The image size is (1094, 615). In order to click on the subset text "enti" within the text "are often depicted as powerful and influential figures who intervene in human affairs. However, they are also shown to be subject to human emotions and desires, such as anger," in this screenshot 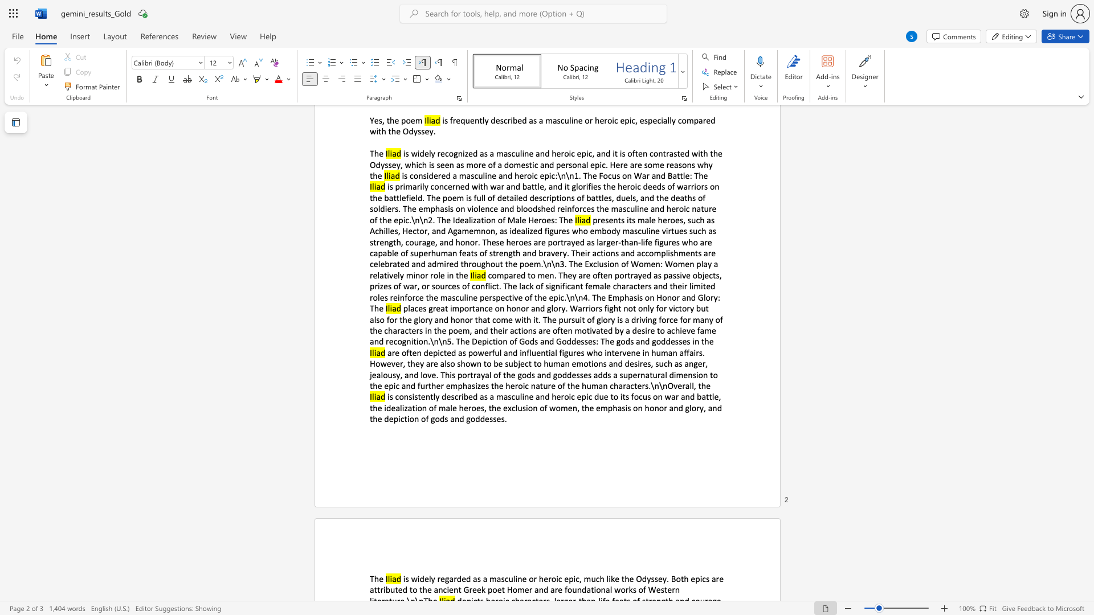, I will do `click(536, 352)`.